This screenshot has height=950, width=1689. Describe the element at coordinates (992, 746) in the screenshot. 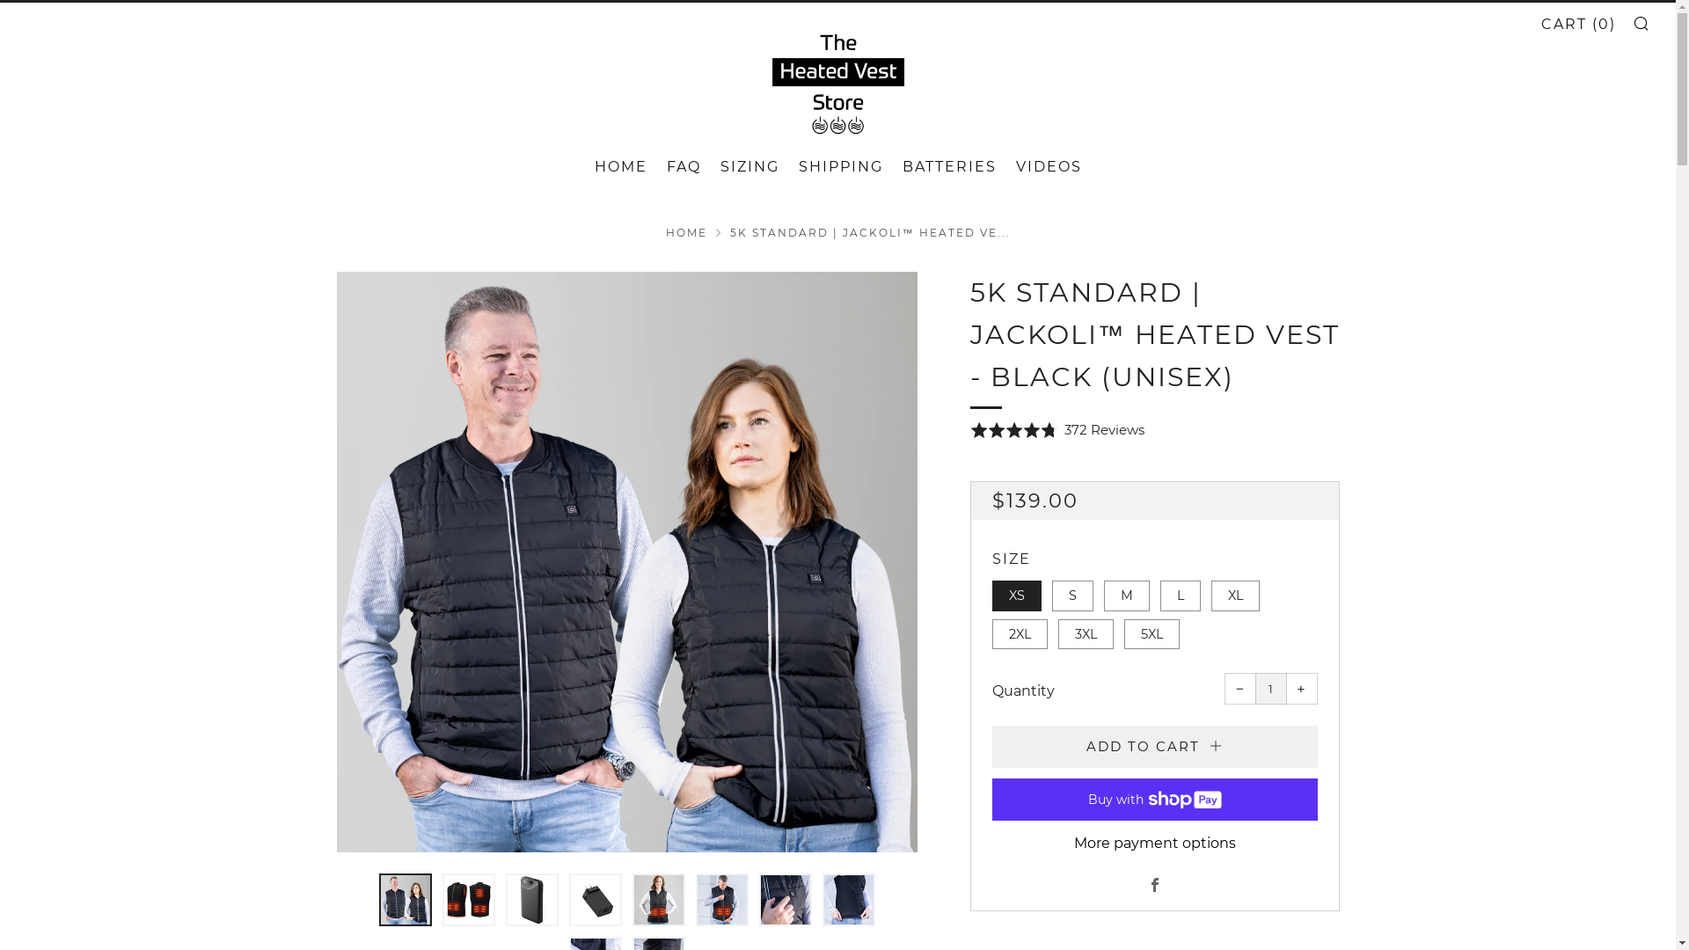

I see `'ADD TO CART'` at that location.